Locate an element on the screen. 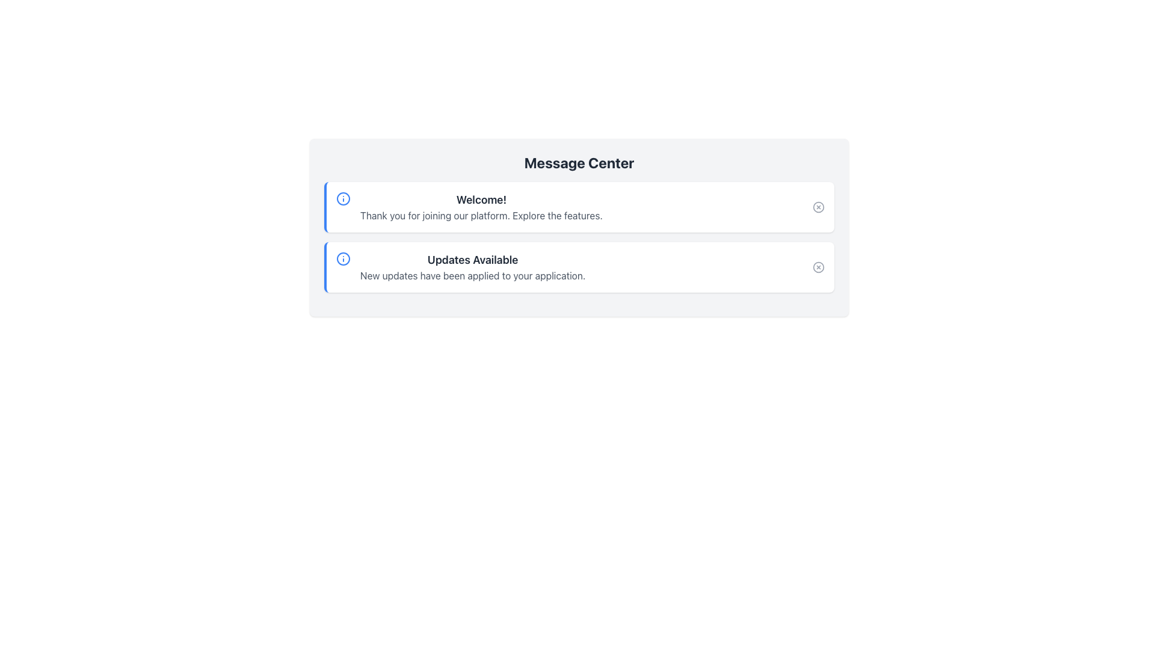 The width and height of the screenshot is (1155, 649). the circular graphical decoration within the first notification card located at the top-right corner of its section is located at coordinates (818, 206).